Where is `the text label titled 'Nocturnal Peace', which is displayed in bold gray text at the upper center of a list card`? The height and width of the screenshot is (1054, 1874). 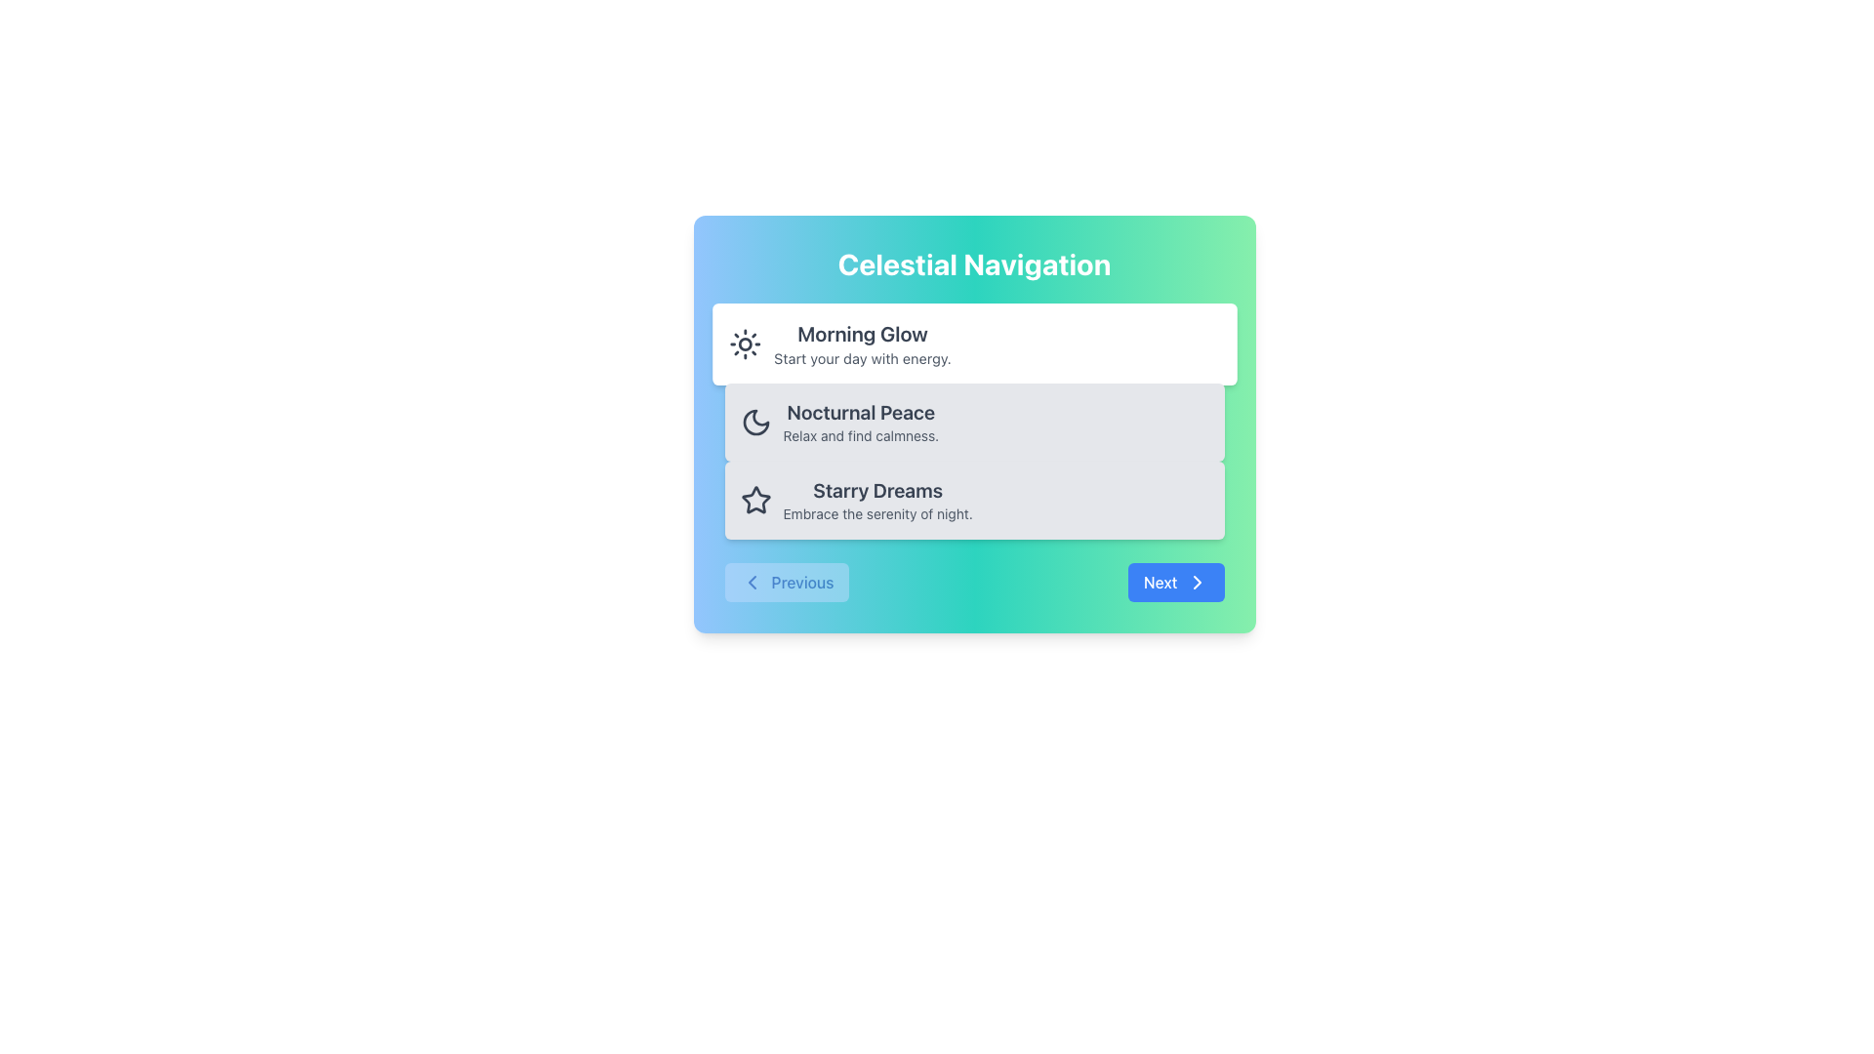
the text label titled 'Nocturnal Peace', which is displayed in bold gray text at the upper center of a list card is located at coordinates (860, 412).